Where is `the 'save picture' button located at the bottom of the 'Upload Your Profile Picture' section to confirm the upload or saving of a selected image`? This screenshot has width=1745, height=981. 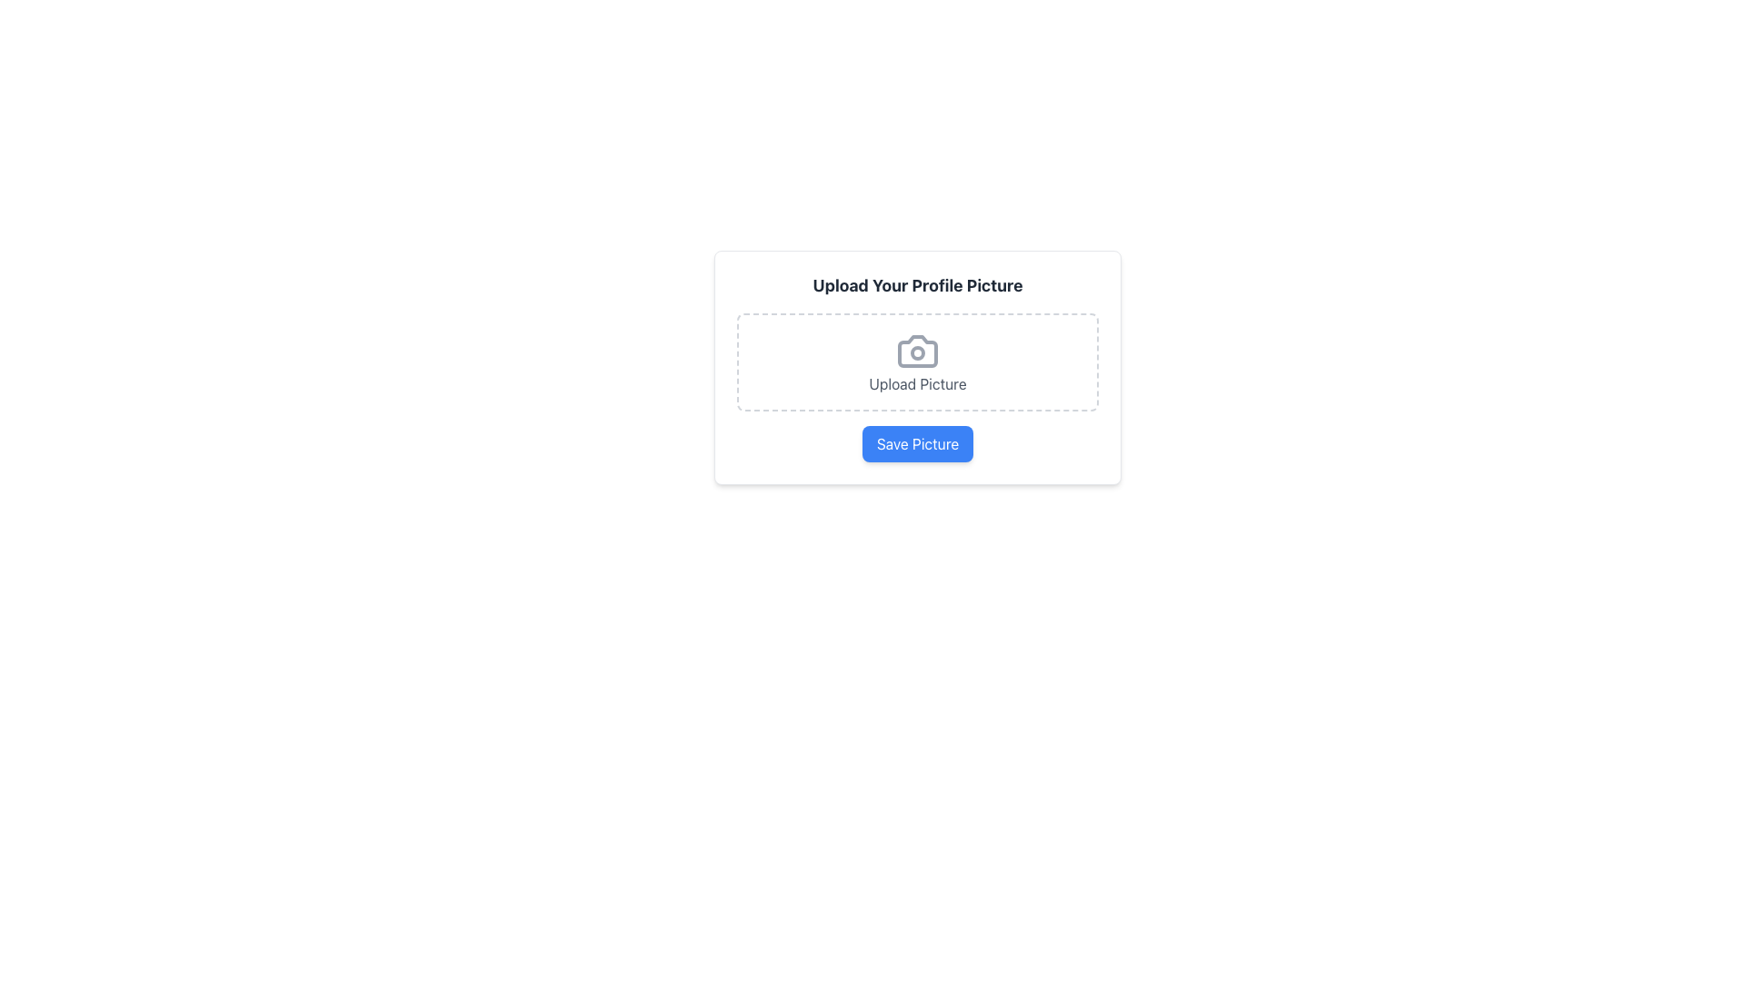 the 'save picture' button located at the bottom of the 'Upload Your Profile Picture' section to confirm the upload or saving of a selected image is located at coordinates (917, 444).